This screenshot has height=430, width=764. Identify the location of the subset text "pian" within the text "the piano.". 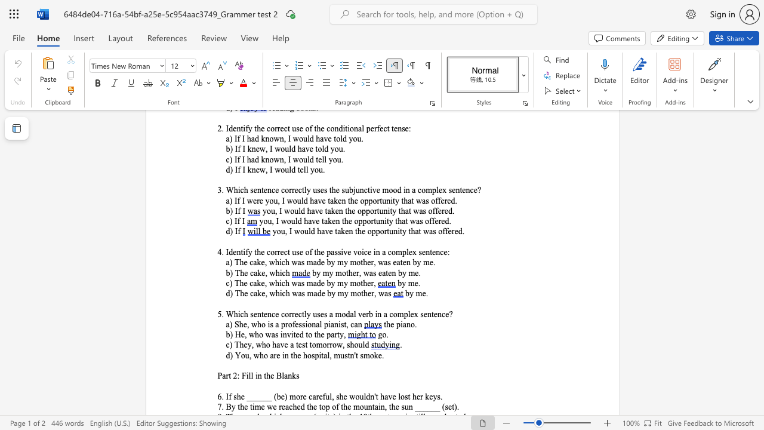
(396, 324).